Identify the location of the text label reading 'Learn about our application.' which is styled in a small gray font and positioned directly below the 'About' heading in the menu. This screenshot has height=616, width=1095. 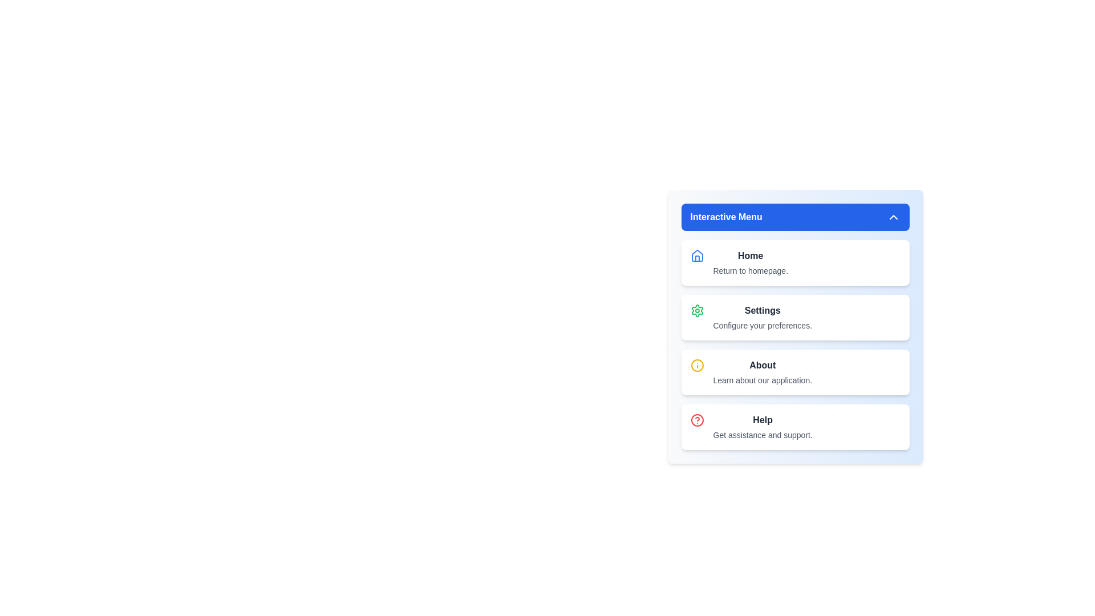
(763, 380).